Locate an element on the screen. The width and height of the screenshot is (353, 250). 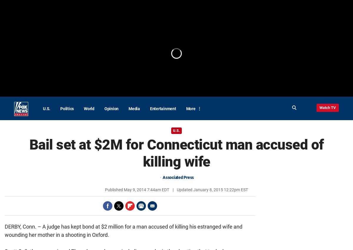
'May 9, 2014 7:44am EDT' is located at coordinates (146, 189).